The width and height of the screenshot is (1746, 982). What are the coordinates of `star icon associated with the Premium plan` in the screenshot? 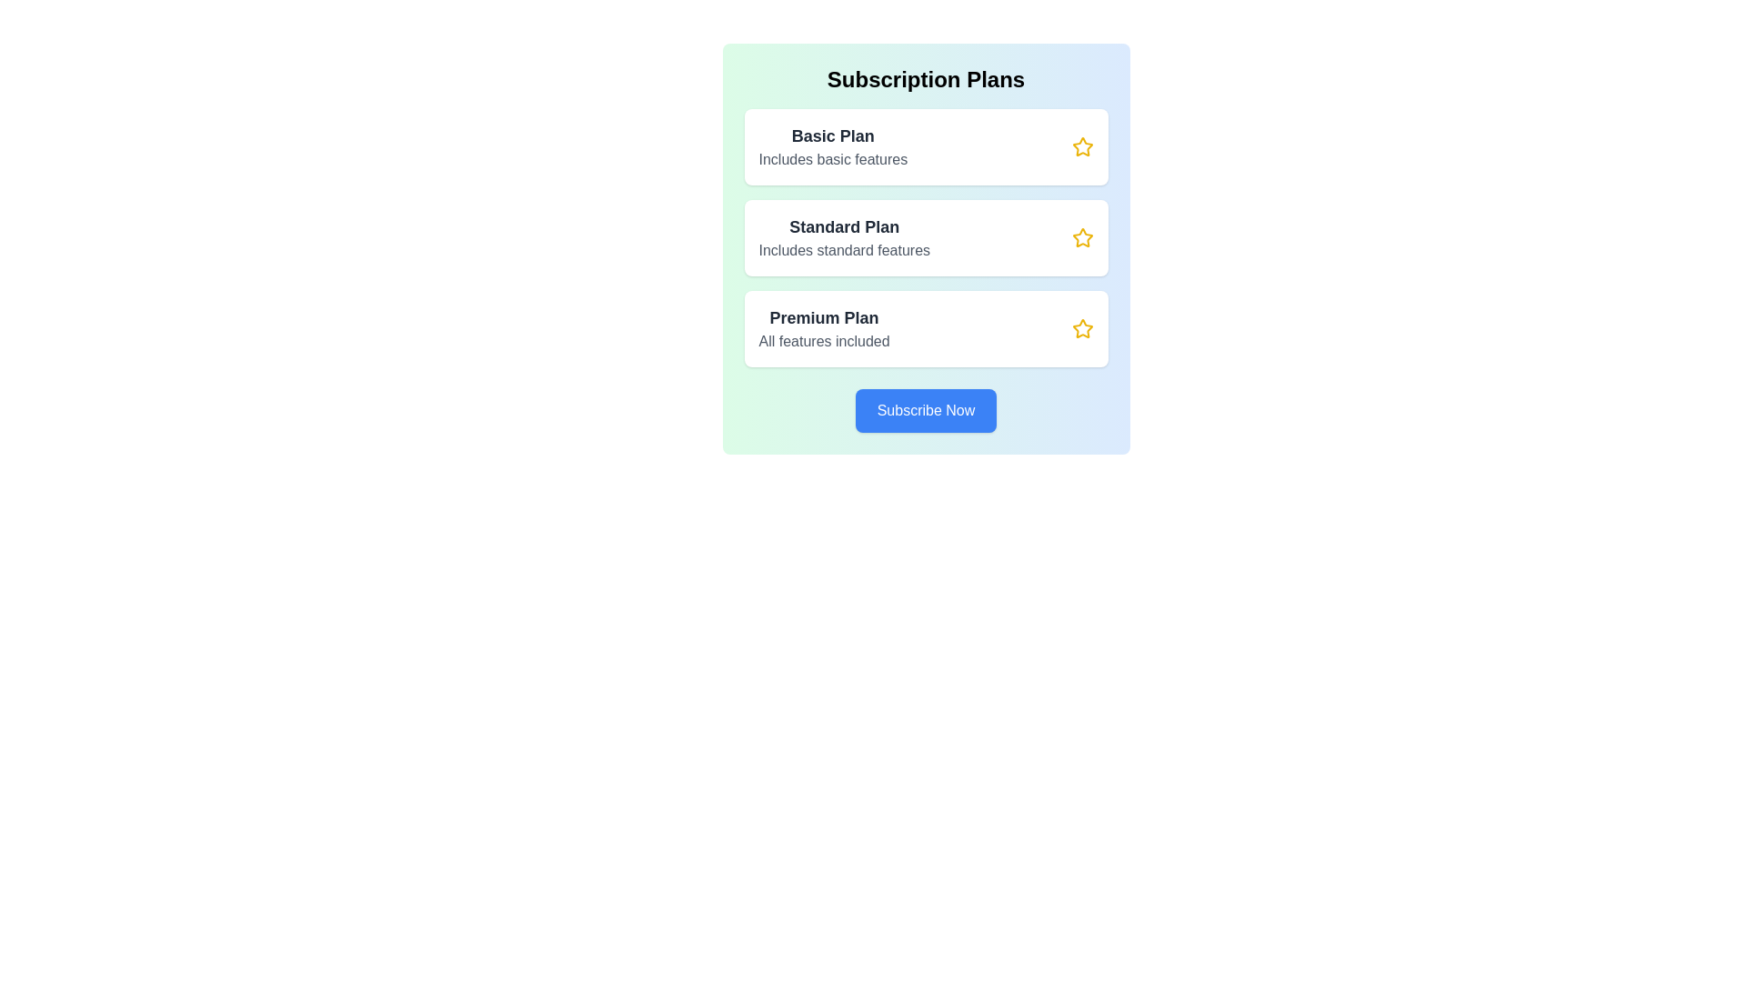 It's located at (1082, 329).